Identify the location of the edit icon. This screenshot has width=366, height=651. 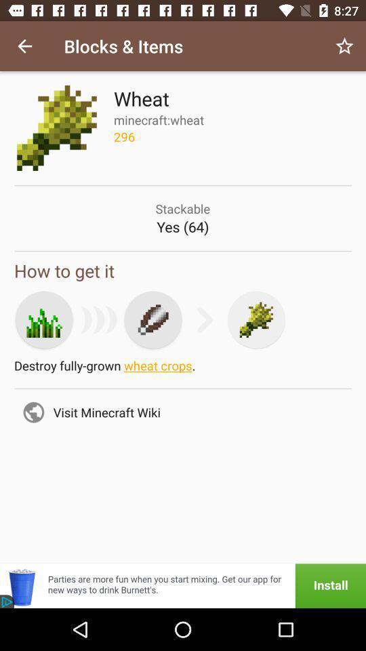
(152, 319).